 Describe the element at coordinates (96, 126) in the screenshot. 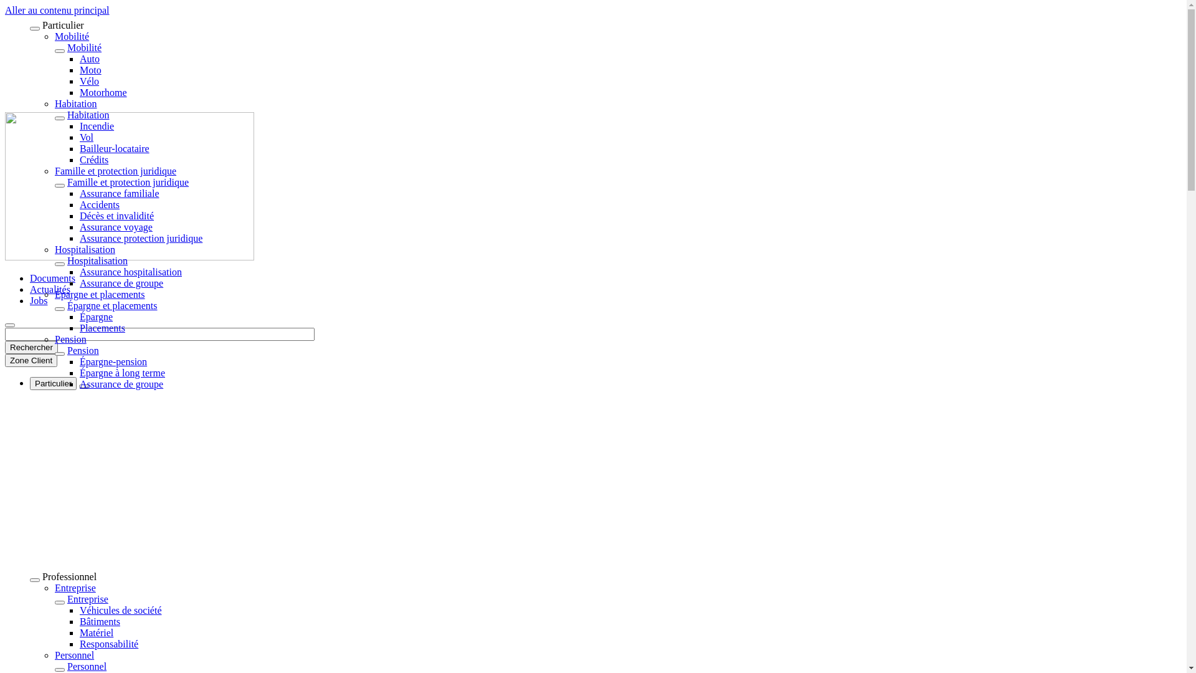

I see `'Incendie'` at that location.